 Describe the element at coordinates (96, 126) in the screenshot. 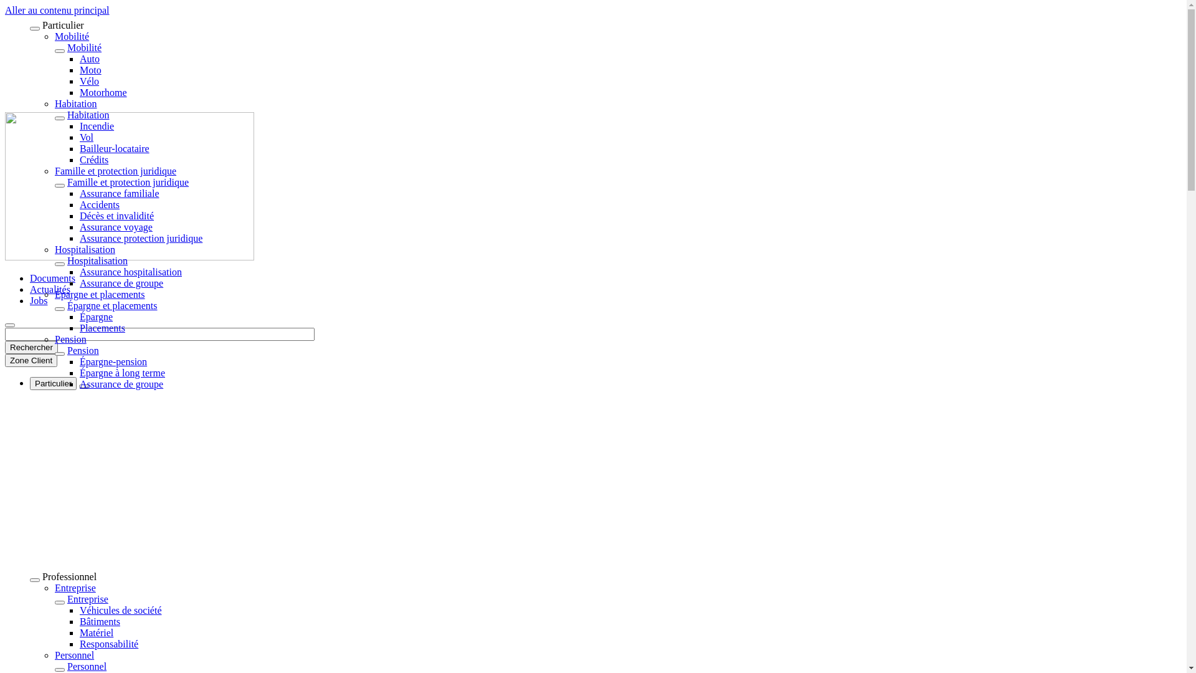

I see `'Incendie'` at that location.